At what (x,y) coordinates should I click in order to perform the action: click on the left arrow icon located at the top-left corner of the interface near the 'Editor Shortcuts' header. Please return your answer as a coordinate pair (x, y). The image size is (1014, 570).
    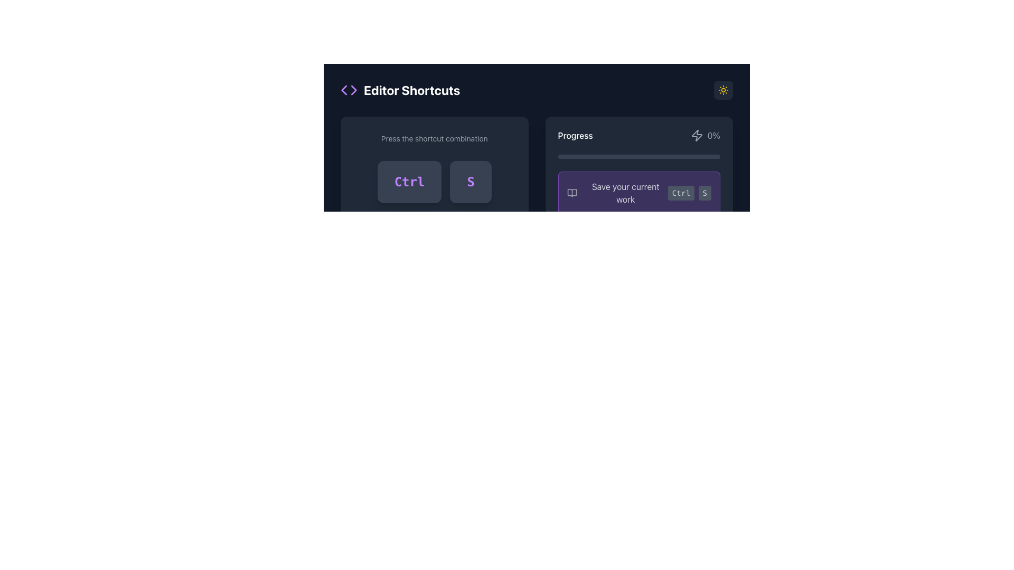
    Looking at the image, I should click on (344, 89).